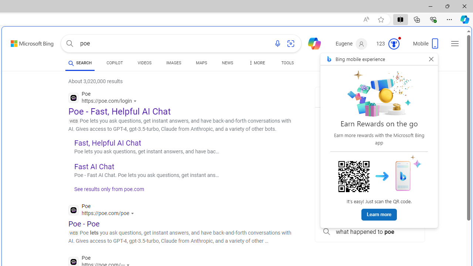 Image resolution: width=473 pixels, height=266 pixels. What do you see at coordinates (290, 44) in the screenshot?
I see `'Search using an image'` at bounding box center [290, 44].